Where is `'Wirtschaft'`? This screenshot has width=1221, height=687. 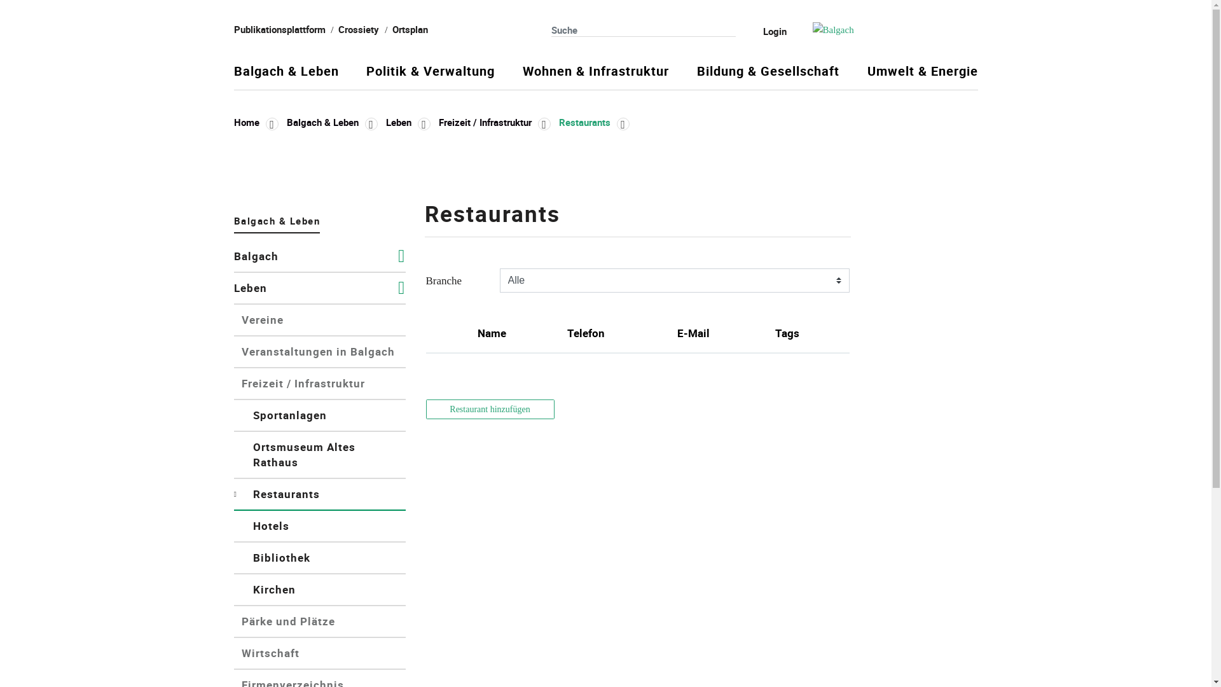
'Wirtschaft' is located at coordinates (320, 654).